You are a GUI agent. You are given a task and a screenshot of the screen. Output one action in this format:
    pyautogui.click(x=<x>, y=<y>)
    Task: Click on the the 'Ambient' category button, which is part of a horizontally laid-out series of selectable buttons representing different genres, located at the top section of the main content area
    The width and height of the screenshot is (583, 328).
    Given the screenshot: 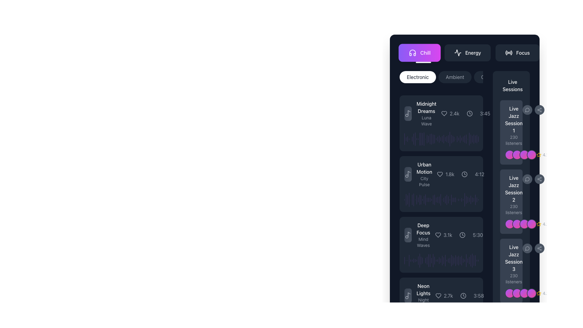 What is the action you would take?
    pyautogui.click(x=441, y=79)
    